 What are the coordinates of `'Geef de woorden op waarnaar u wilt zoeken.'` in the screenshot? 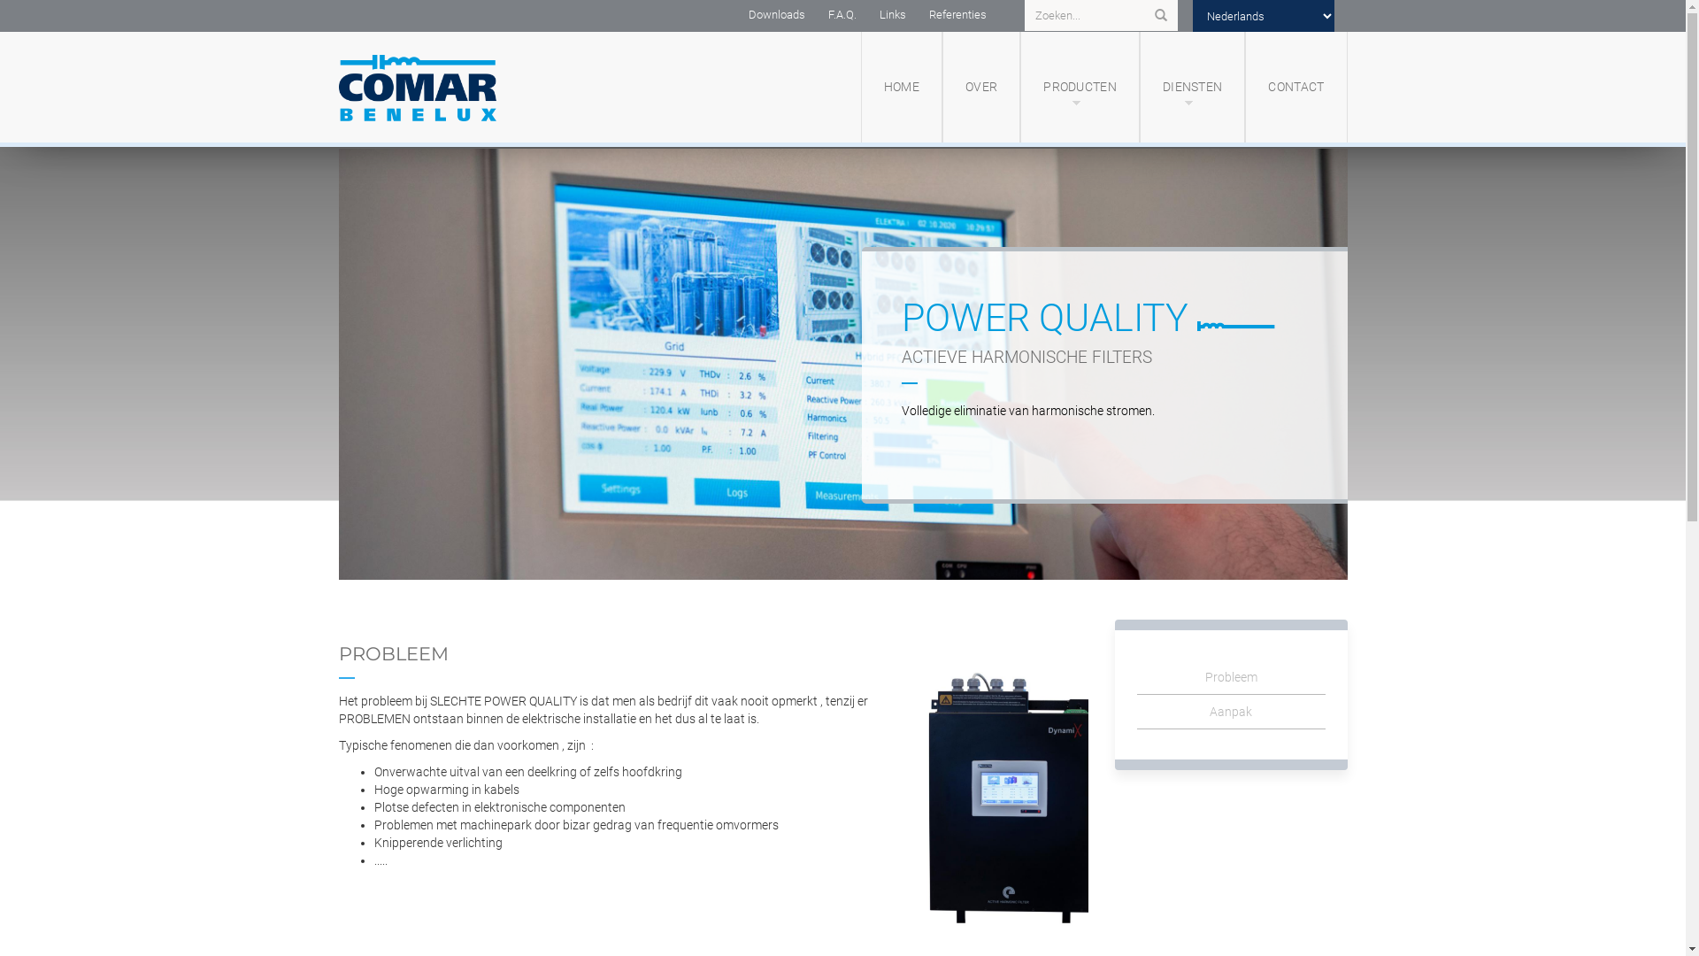 It's located at (1095, 15).